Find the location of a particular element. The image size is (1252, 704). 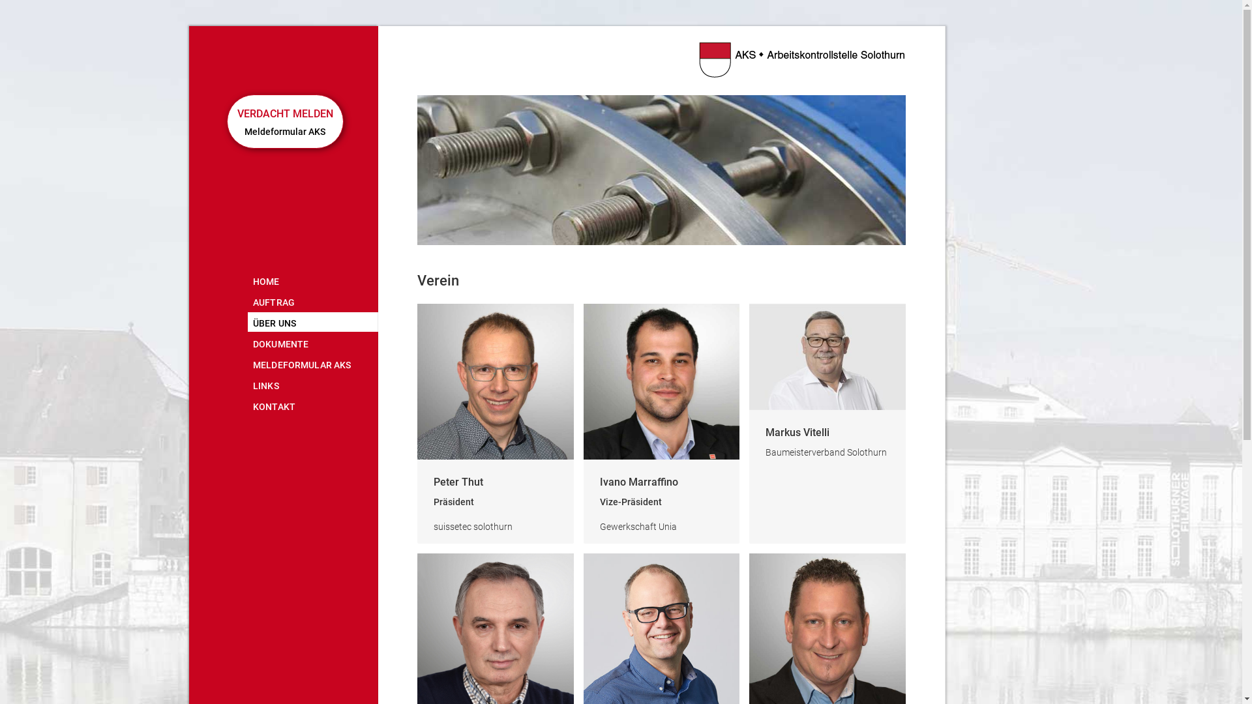

'VERDACHT MELDEN is located at coordinates (284, 121).